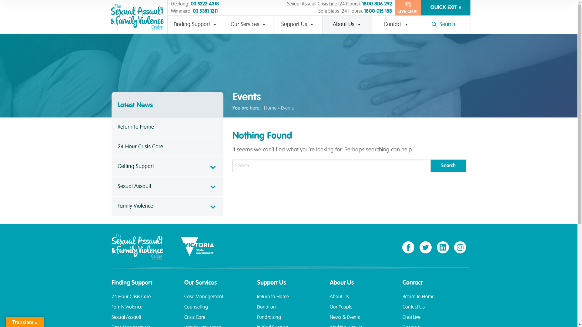  I want to click on 'Contact Us', so click(403, 310).